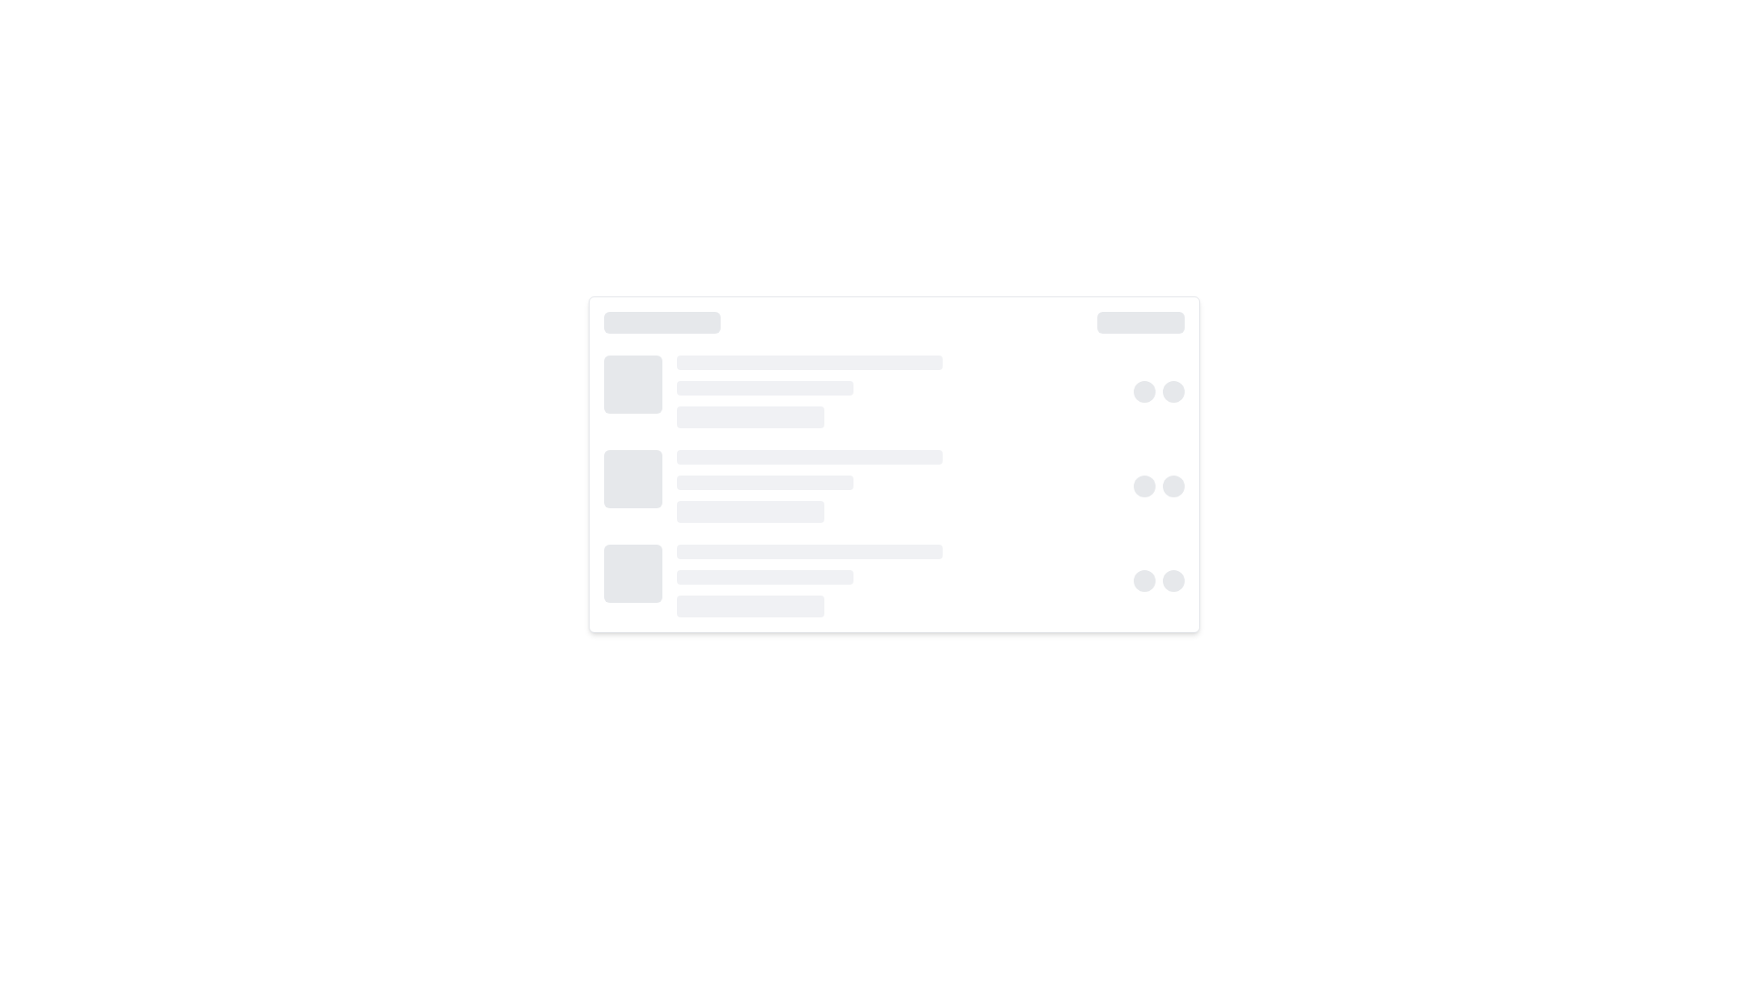 Image resolution: width=1747 pixels, height=982 pixels. Describe the element at coordinates (1143, 581) in the screenshot. I see `the leftmost gray circular element in a horizontal arrangement of two similar elements located near the bottom-right section of the interface` at that location.